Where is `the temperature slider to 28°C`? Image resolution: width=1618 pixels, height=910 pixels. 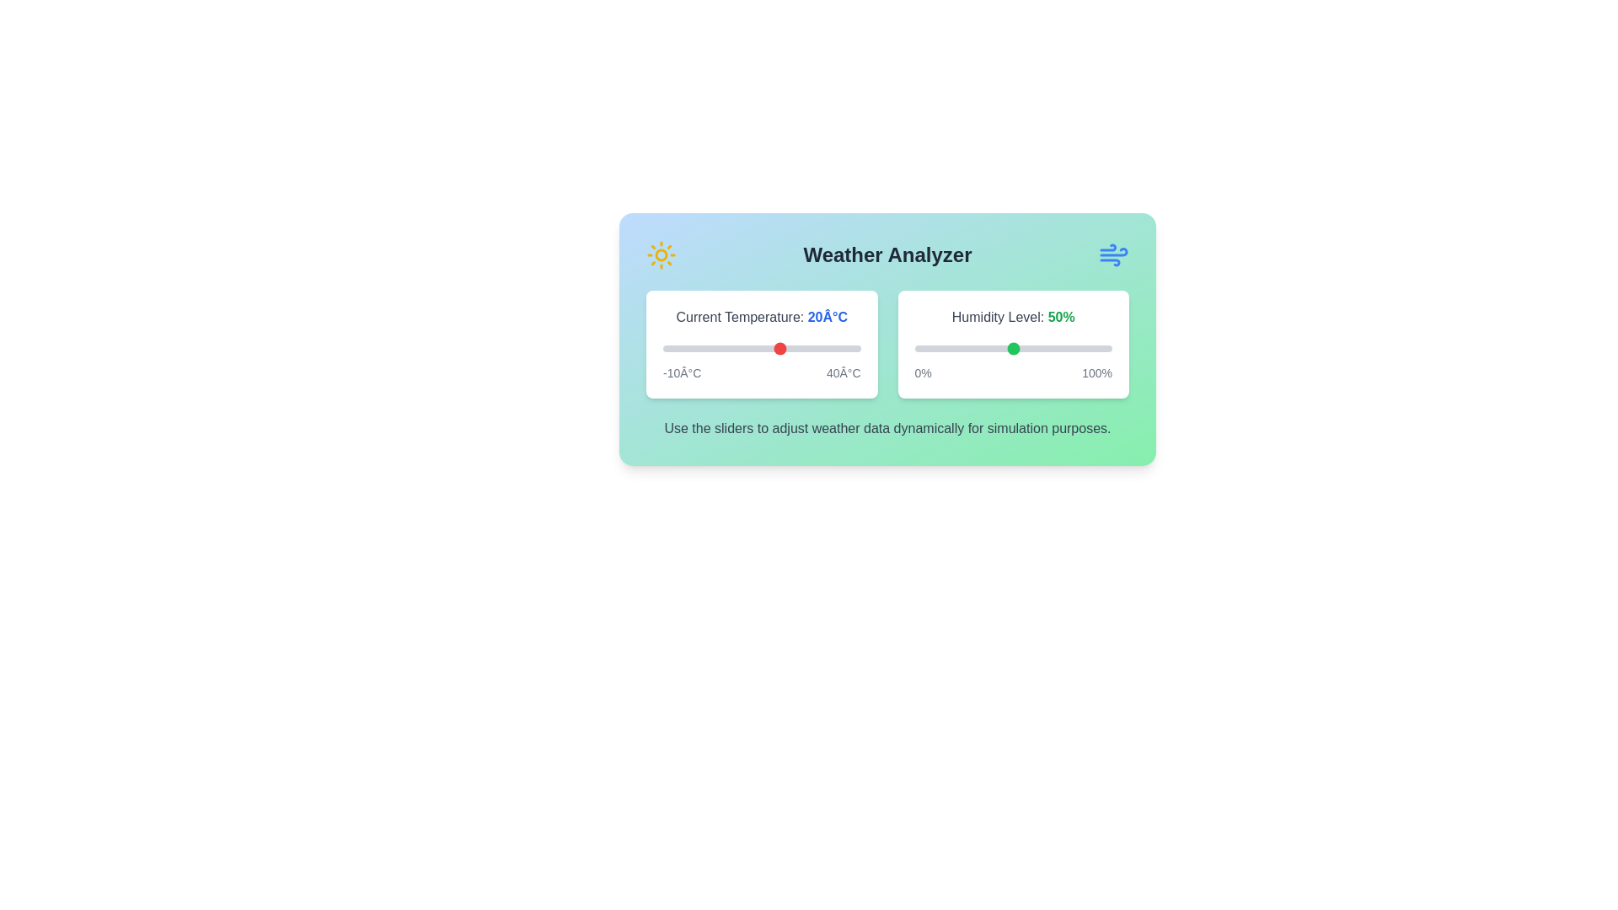 the temperature slider to 28°C is located at coordinates (813, 347).